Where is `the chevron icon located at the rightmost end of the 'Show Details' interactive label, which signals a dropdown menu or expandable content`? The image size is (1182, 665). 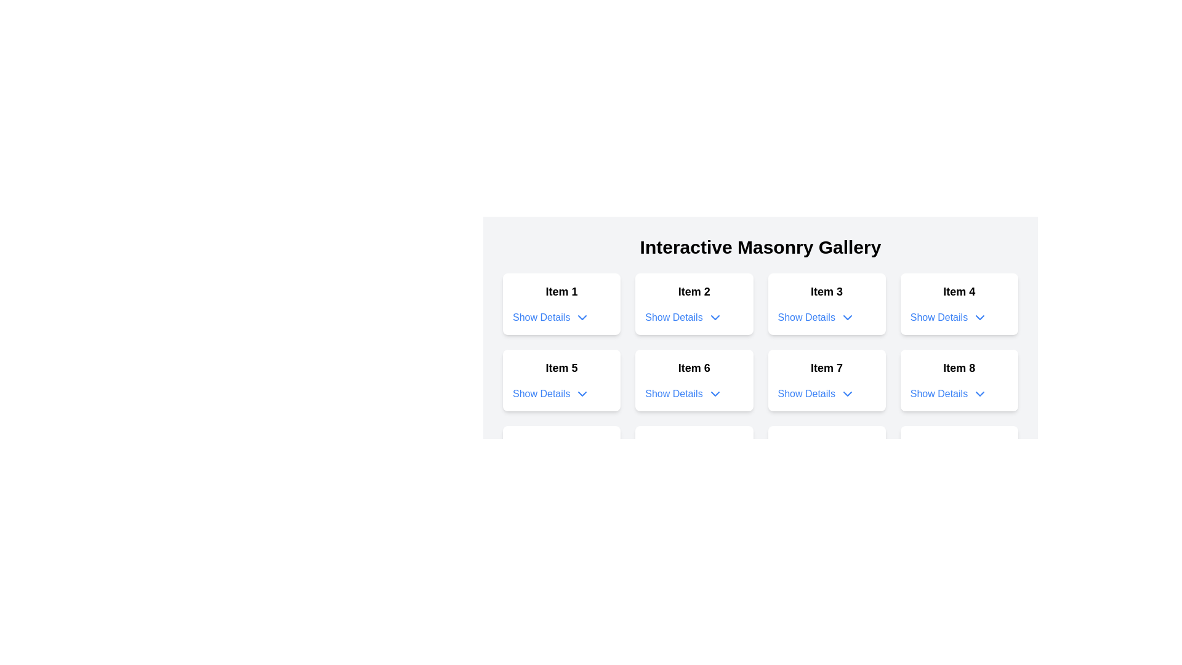 the chevron icon located at the rightmost end of the 'Show Details' interactive label, which signals a dropdown menu or expandable content is located at coordinates (846, 394).